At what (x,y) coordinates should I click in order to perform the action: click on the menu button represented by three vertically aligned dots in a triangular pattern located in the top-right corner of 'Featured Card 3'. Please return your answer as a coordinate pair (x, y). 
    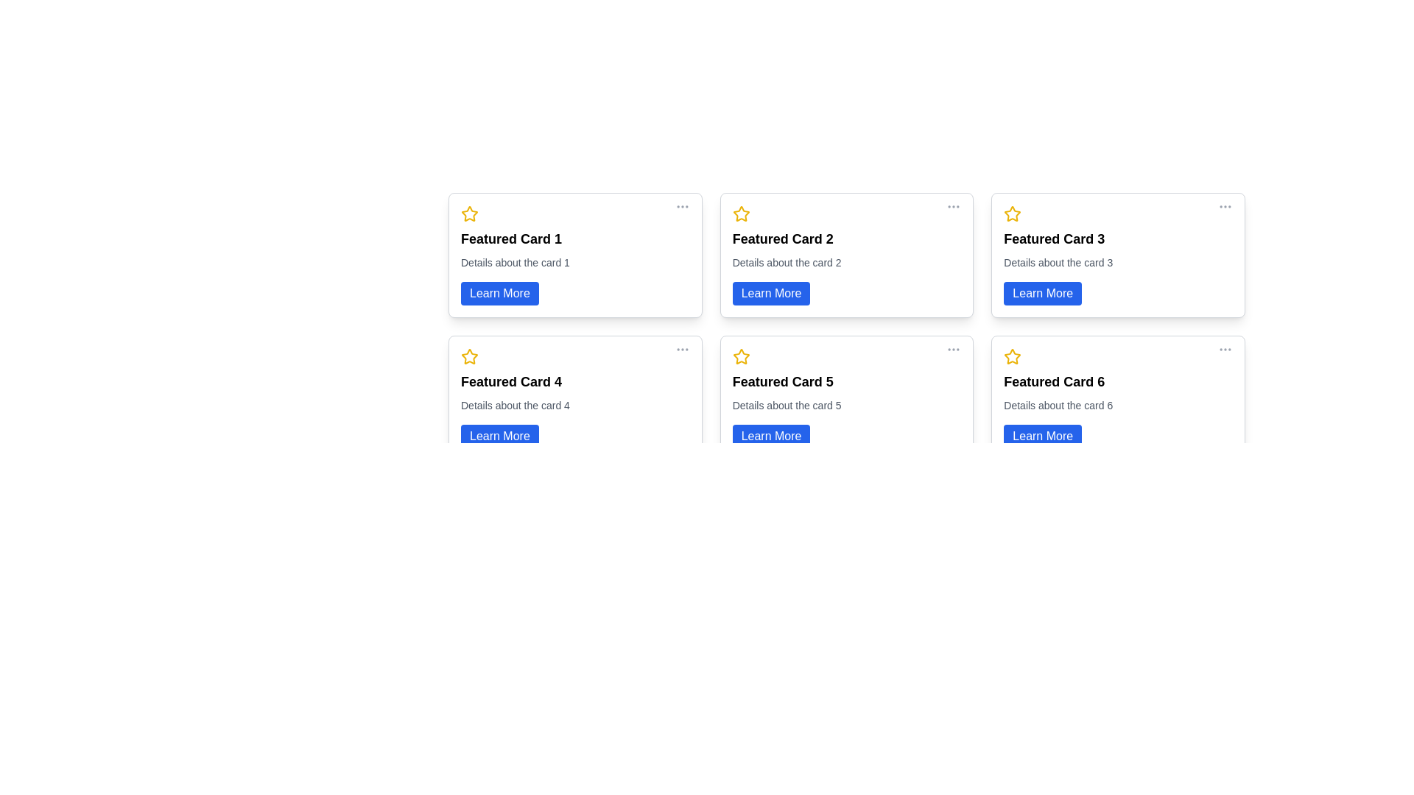
    Looking at the image, I should click on (1225, 207).